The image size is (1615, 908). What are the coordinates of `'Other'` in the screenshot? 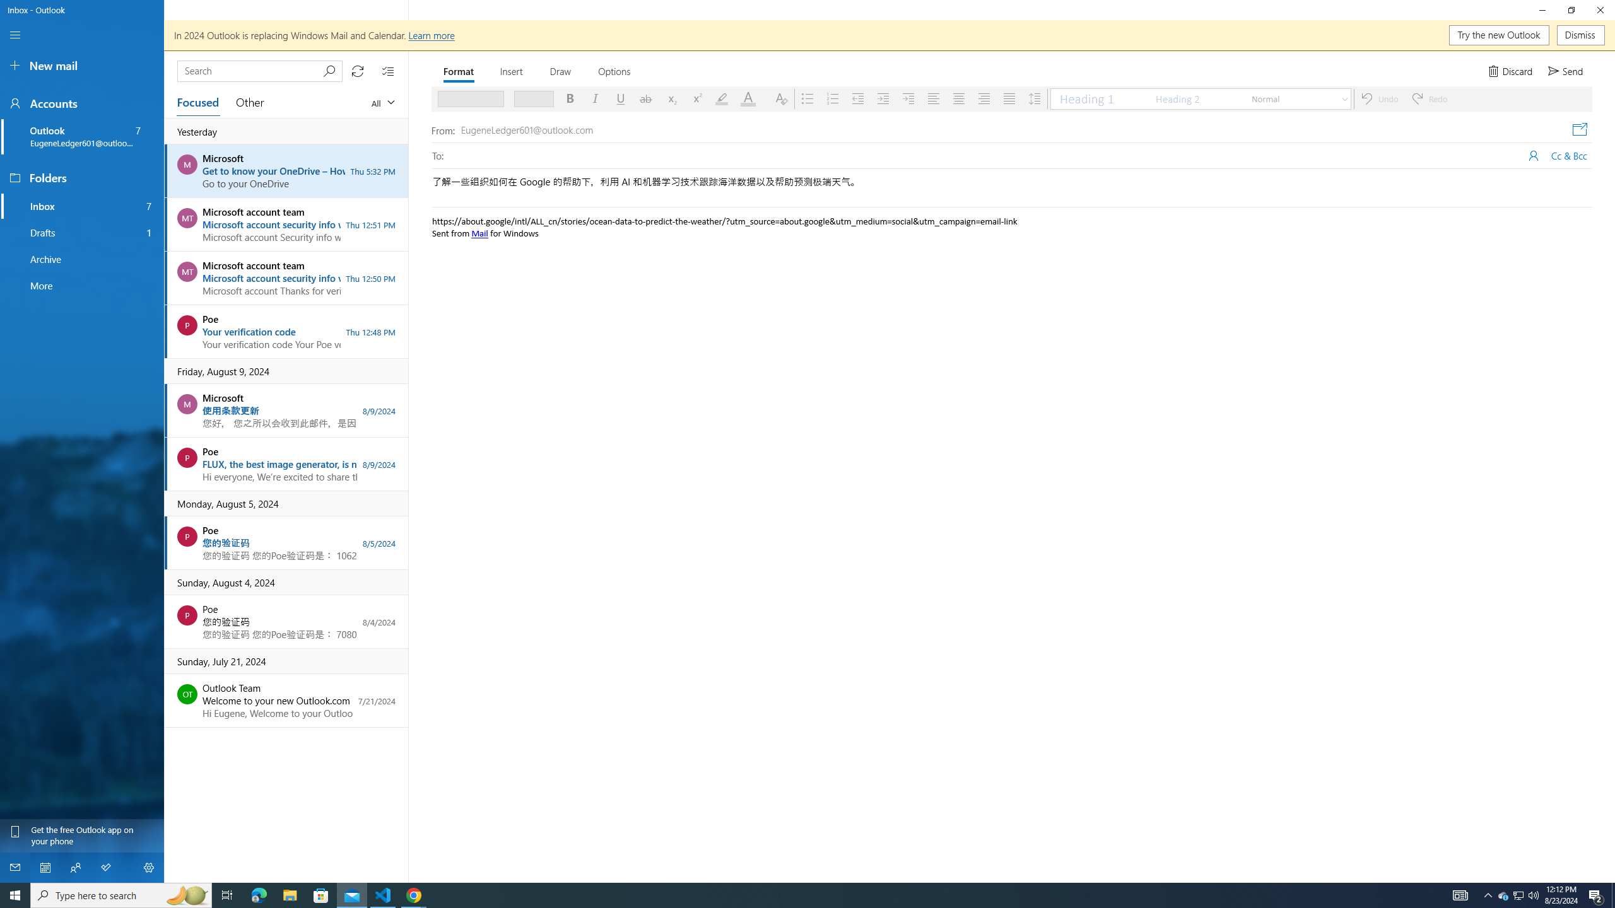 It's located at (249, 102).